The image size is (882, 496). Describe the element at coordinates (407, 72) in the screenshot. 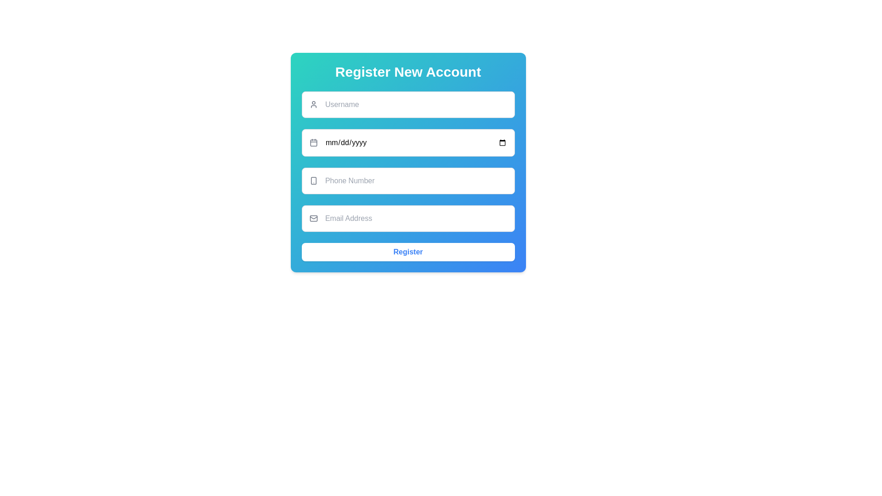

I see `the header text of the registration form, which serves as a title indicating the purpose of the displayed form` at that location.